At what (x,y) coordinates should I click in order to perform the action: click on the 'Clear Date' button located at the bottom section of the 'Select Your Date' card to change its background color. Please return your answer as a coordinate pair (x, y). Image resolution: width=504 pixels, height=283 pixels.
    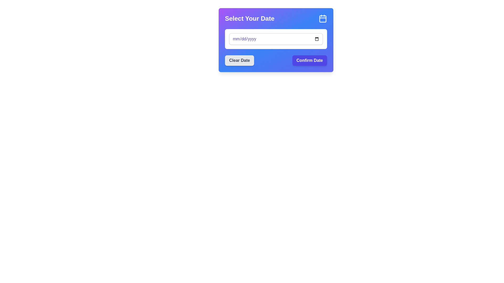
    Looking at the image, I should click on (239, 60).